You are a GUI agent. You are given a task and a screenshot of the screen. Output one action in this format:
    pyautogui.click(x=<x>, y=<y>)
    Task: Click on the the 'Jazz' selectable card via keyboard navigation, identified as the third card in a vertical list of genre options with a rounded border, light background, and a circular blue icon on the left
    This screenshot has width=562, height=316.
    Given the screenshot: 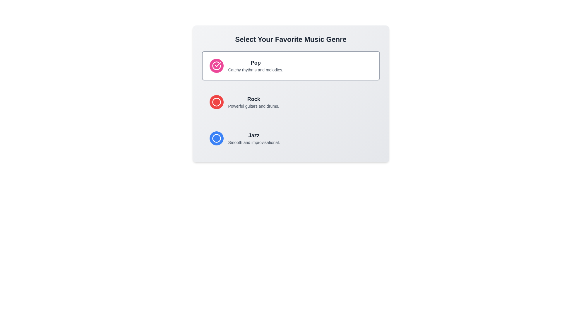 What is the action you would take?
    pyautogui.click(x=291, y=138)
    